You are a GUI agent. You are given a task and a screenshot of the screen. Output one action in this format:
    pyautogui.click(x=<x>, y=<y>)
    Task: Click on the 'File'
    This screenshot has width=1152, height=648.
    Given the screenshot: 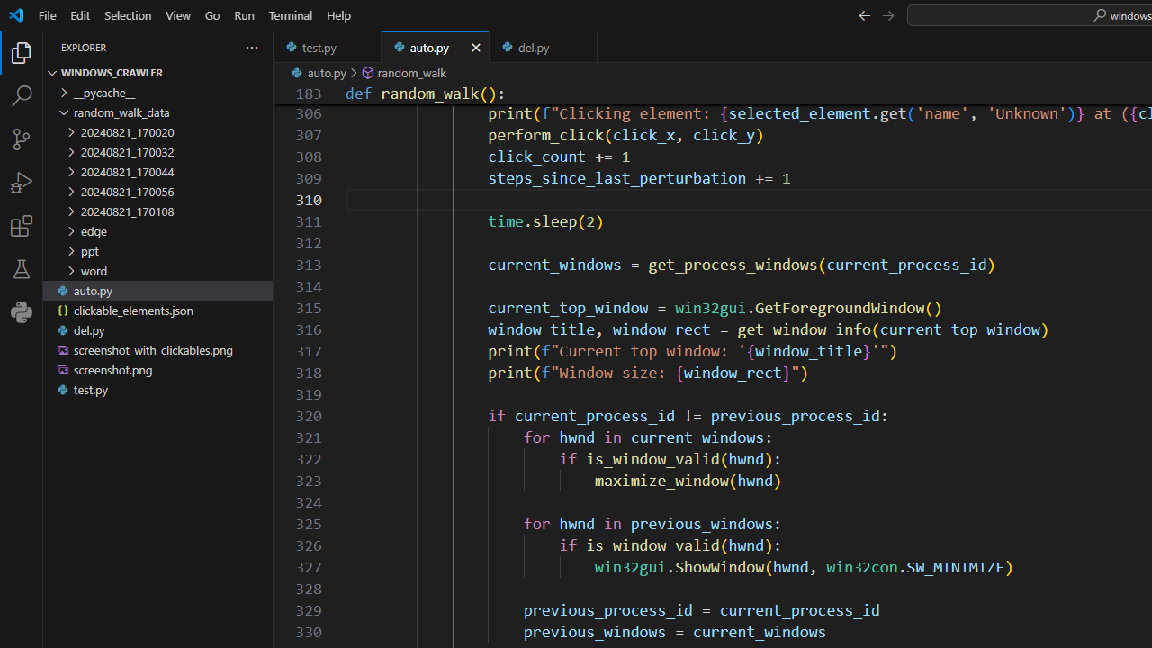 What is the action you would take?
    pyautogui.click(x=47, y=14)
    